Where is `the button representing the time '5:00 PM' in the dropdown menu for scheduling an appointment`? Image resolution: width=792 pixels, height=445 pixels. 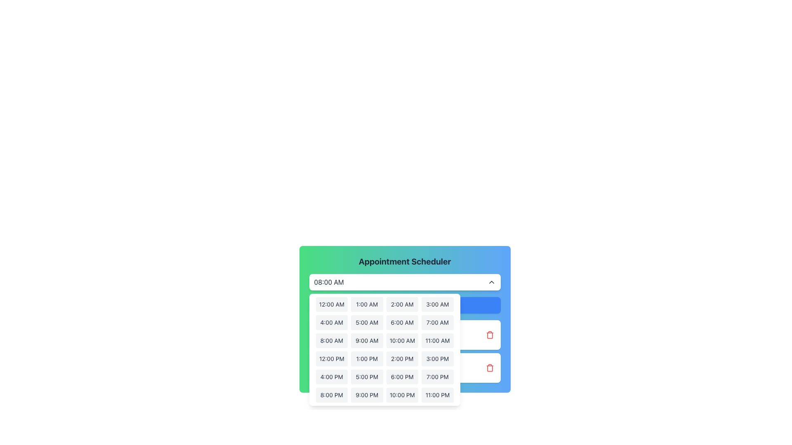 the button representing the time '5:00 PM' in the dropdown menu for scheduling an appointment is located at coordinates (366, 377).